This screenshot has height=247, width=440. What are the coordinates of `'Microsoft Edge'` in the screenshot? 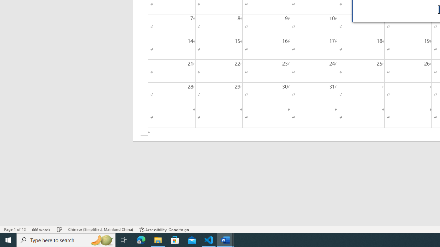 It's located at (141, 239).